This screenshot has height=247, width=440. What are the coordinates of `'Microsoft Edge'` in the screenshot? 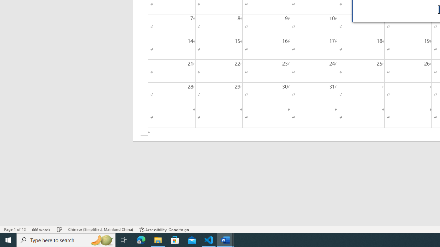 It's located at (141, 239).